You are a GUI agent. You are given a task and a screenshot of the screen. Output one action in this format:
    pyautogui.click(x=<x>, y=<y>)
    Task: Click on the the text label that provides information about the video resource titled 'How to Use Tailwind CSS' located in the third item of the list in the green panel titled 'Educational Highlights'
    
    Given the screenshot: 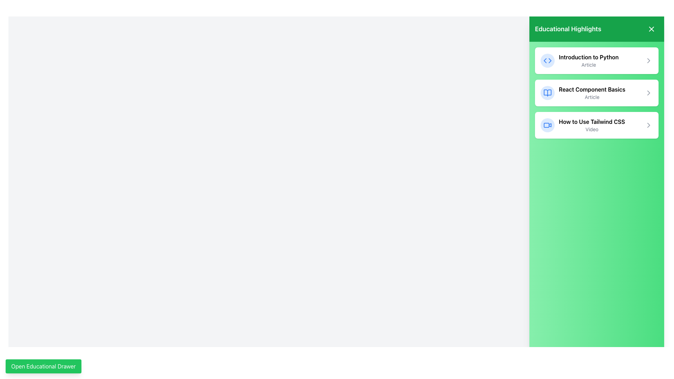 What is the action you would take?
    pyautogui.click(x=592, y=125)
    